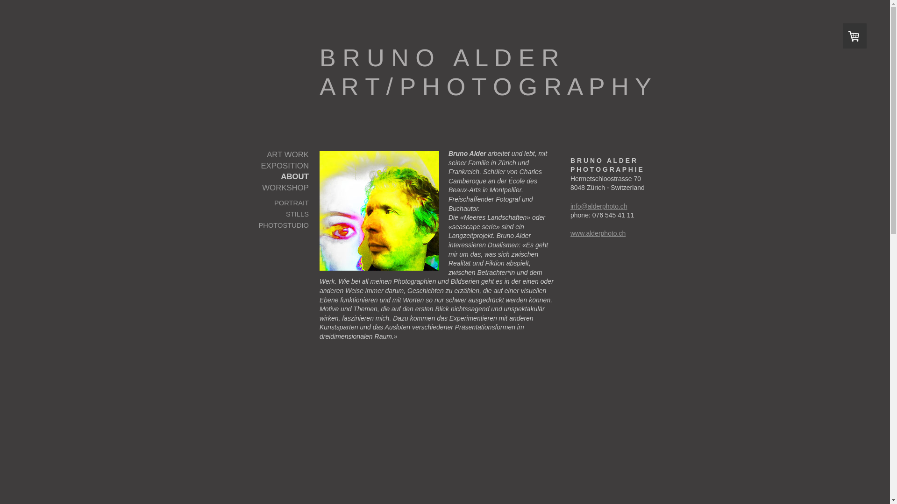 The height and width of the screenshot is (504, 897). I want to click on 'ABOUT', so click(268, 176).